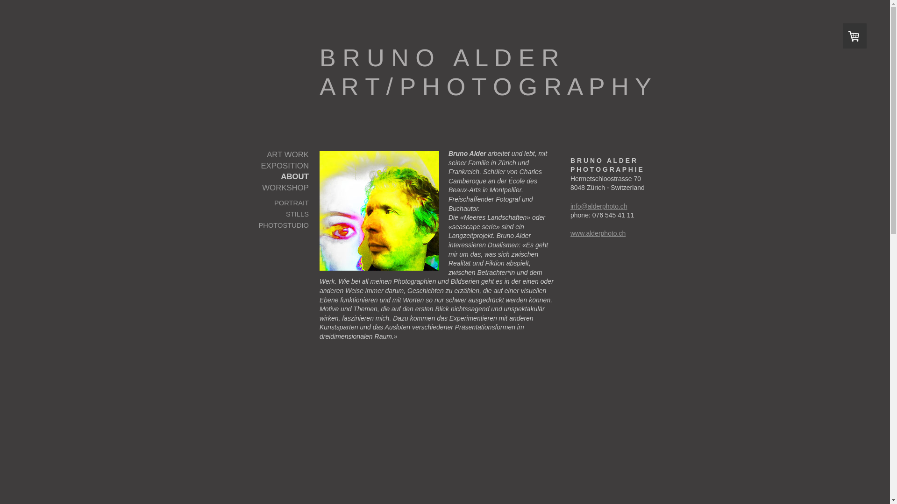 The height and width of the screenshot is (504, 897). I want to click on 'ABOUT', so click(268, 176).